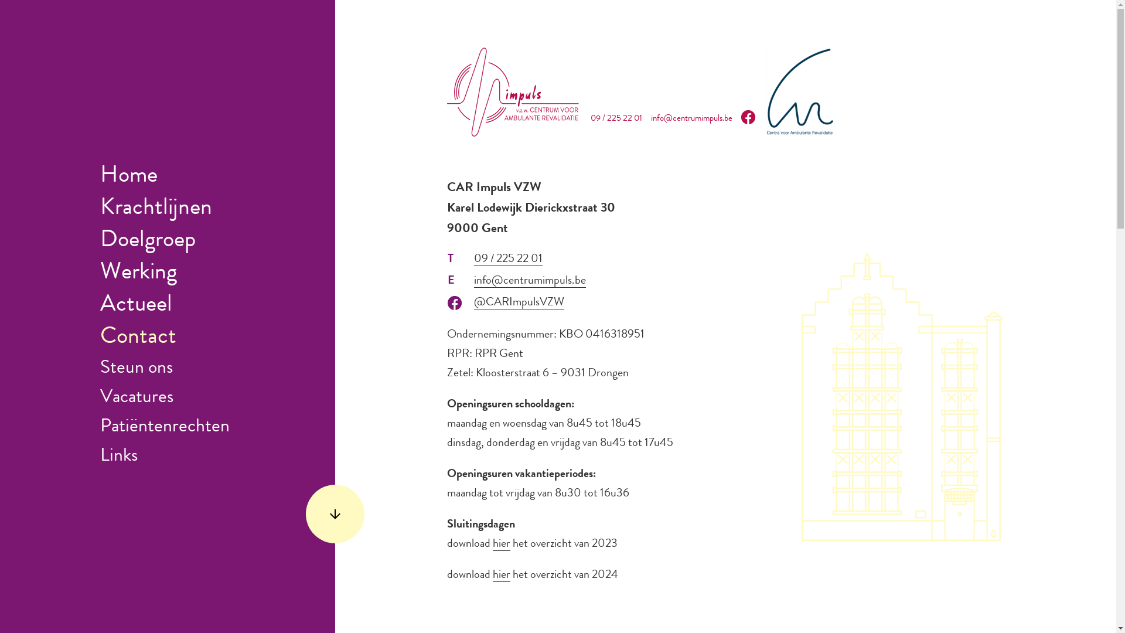 This screenshot has height=633, width=1125. I want to click on 'Links', so click(118, 456).